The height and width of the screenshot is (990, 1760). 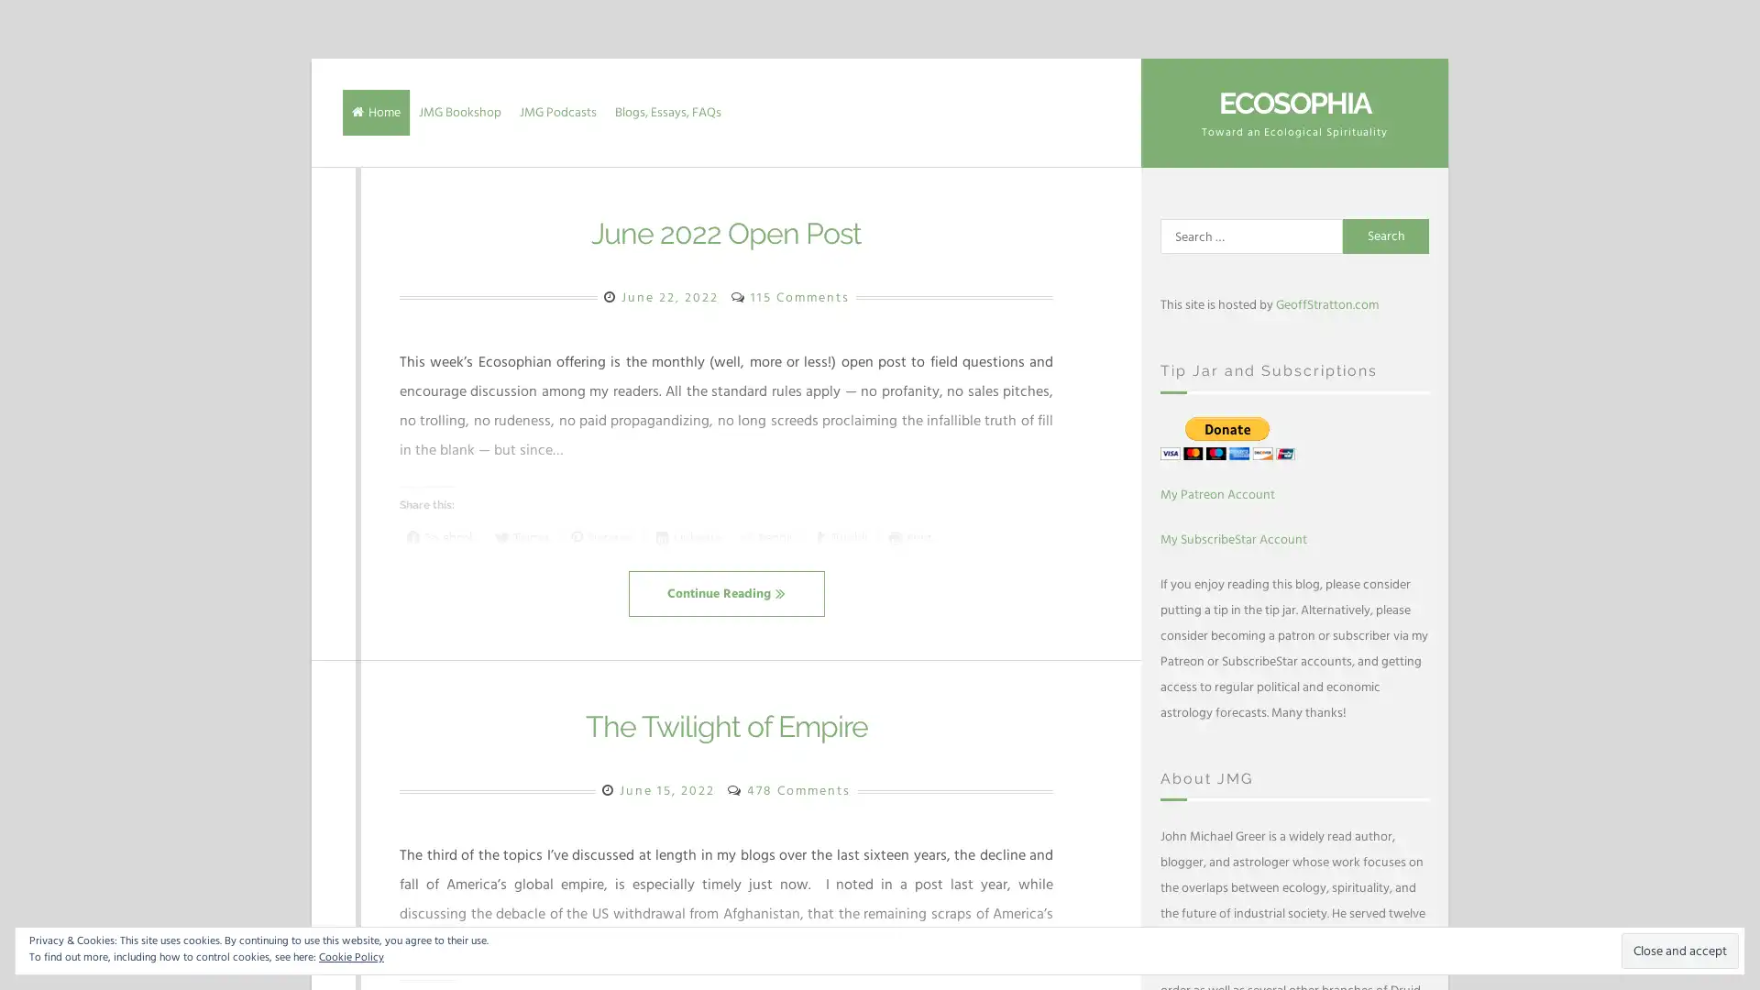 I want to click on Search, so click(x=1386, y=236).